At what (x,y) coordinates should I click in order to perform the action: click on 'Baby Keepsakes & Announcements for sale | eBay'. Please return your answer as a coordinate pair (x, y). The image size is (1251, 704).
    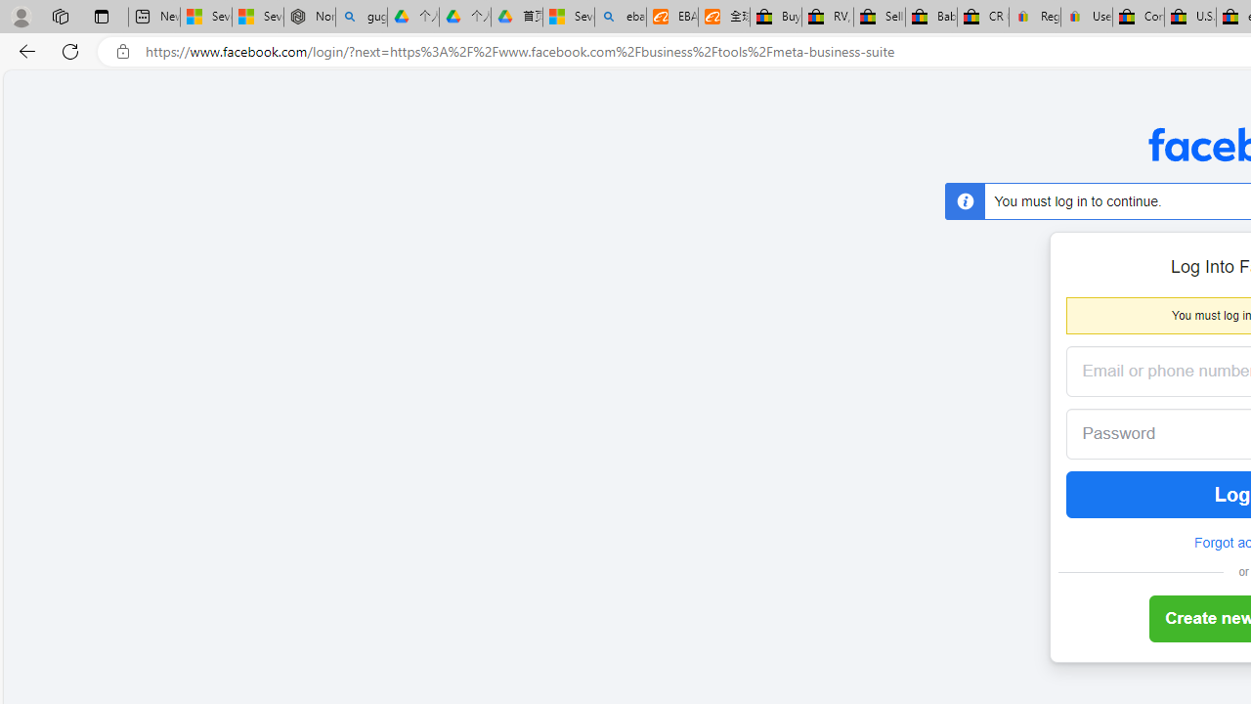
    Looking at the image, I should click on (929, 17).